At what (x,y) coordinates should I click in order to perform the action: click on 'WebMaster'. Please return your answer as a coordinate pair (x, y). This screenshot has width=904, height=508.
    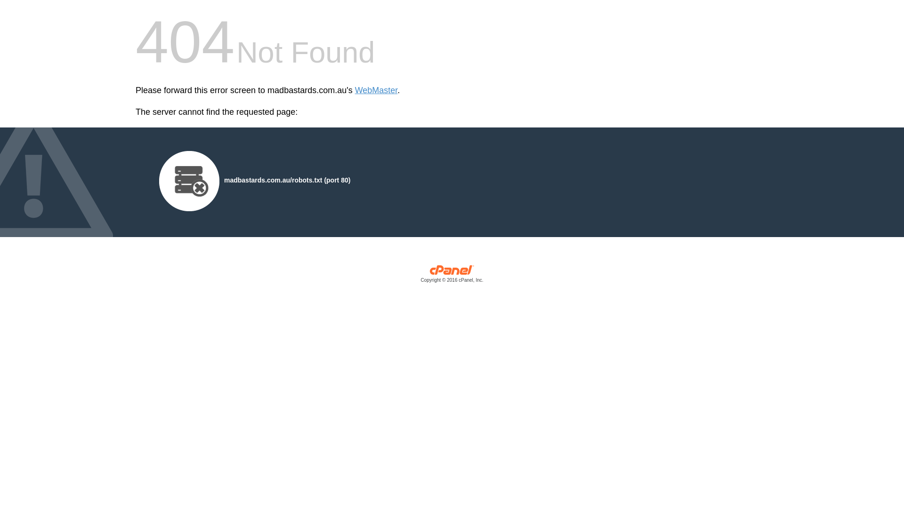
    Looking at the image, I should click on (376, 90).